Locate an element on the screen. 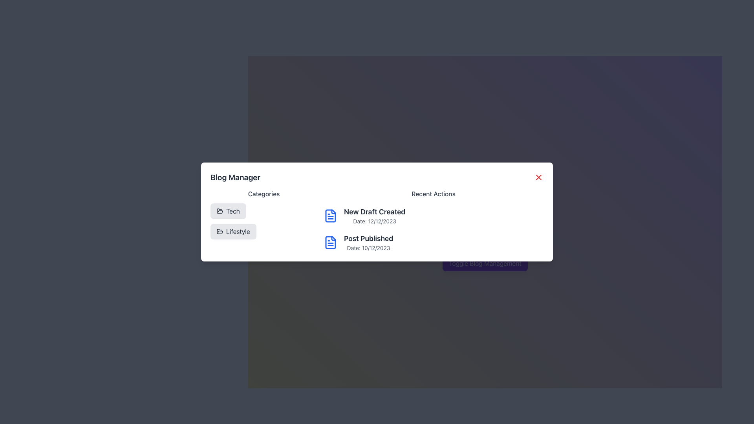  text of the Text Label indicating a recent action of publishing a post, located in the right-hand column under 'Recent Actions' is located at coordinates (368, 238).